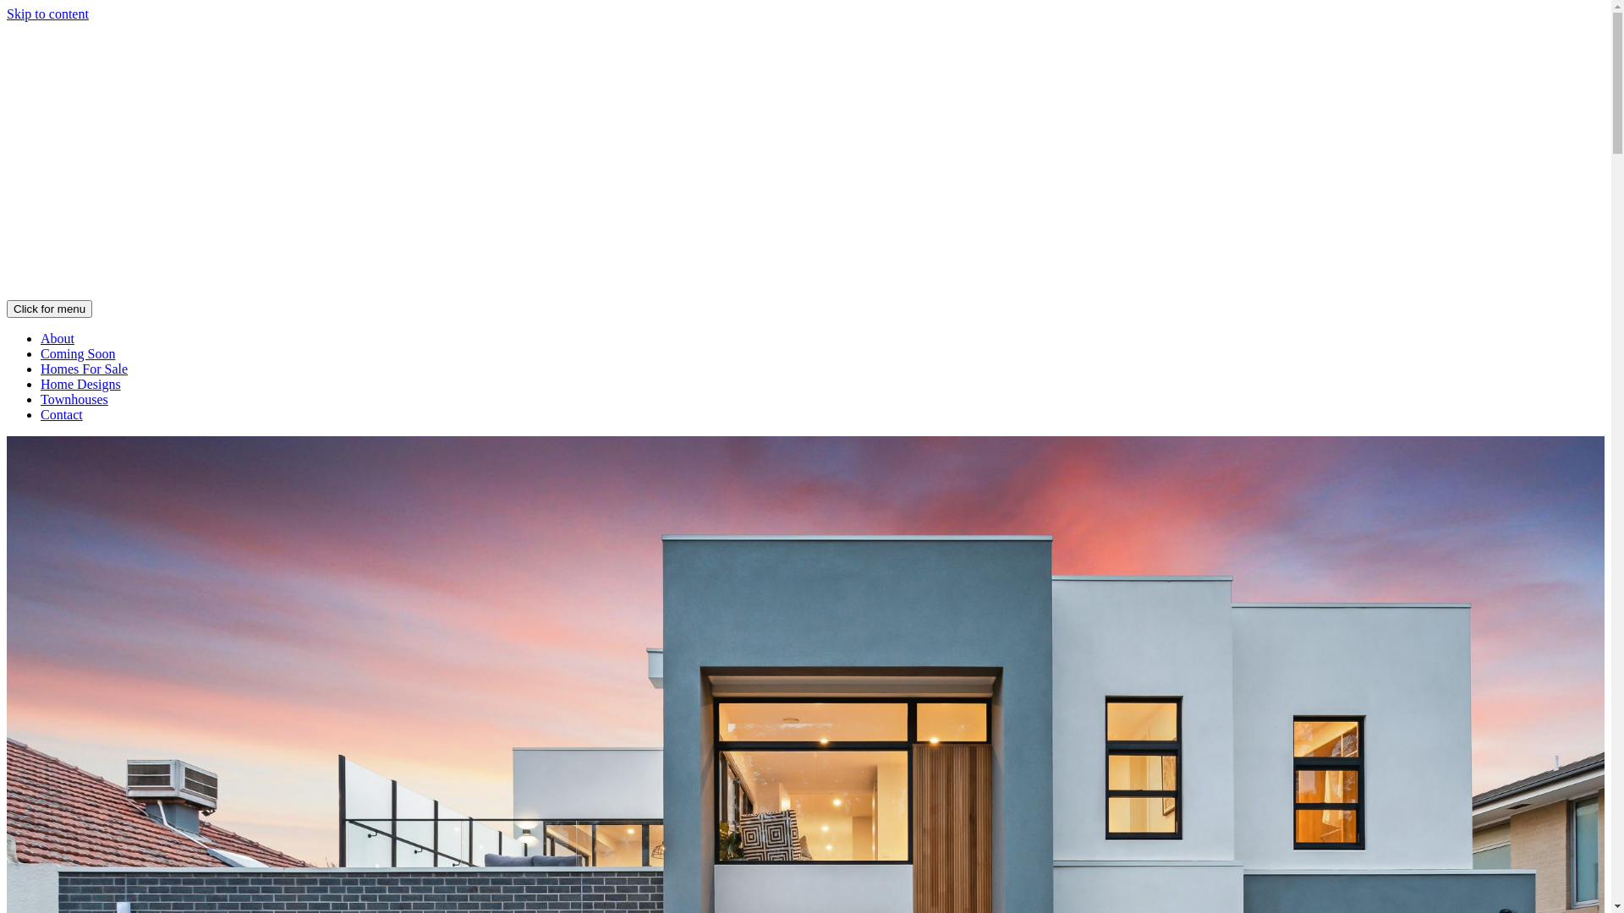  I want to click on 'Home Designs', so click(80, 384).